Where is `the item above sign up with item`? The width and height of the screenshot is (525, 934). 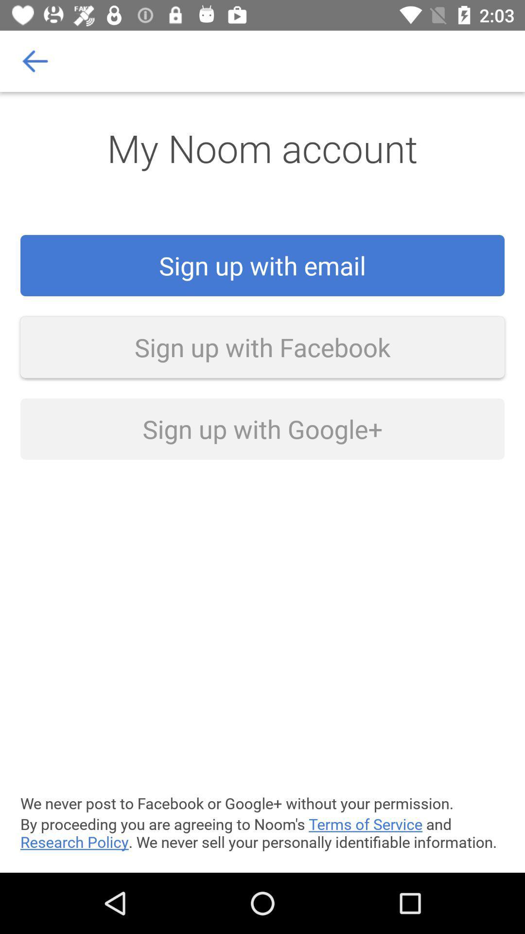
the item above sign up with item is located at coordinates (35, 60).